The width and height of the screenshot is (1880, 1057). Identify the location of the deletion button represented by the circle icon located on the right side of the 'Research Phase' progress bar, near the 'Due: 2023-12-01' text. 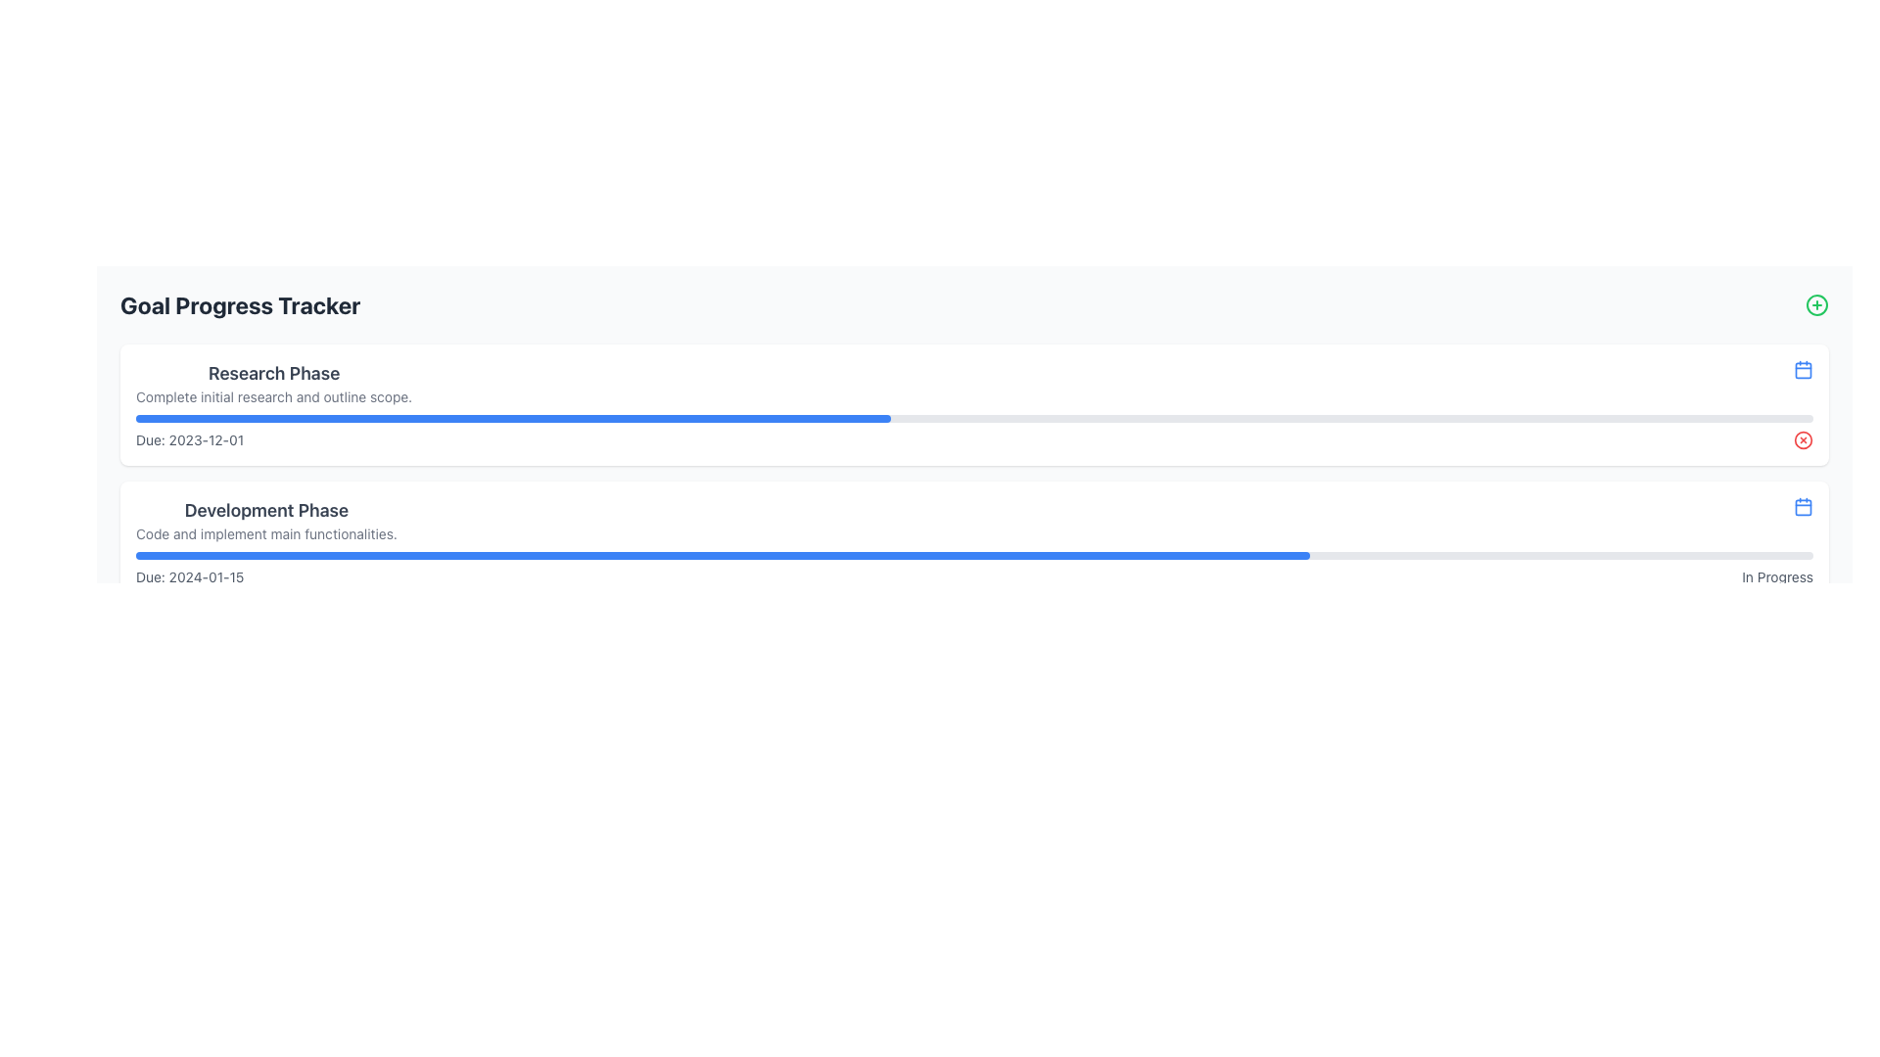
(1803, 440).